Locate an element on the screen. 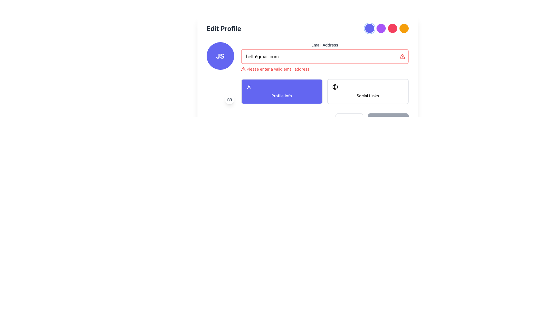  the globe icon located within the 'Social Links' section, positioned on the left side above the text 'Social Links' is located at coordinates (335, 87).